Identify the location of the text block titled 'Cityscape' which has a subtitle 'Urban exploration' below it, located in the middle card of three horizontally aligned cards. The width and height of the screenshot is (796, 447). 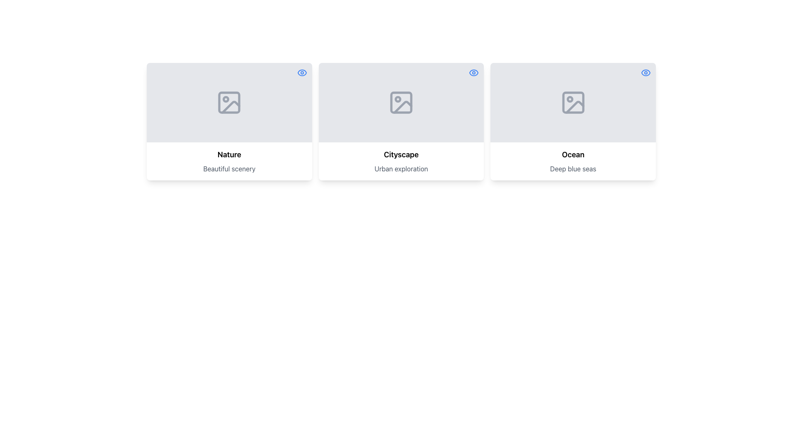
(401, 161).